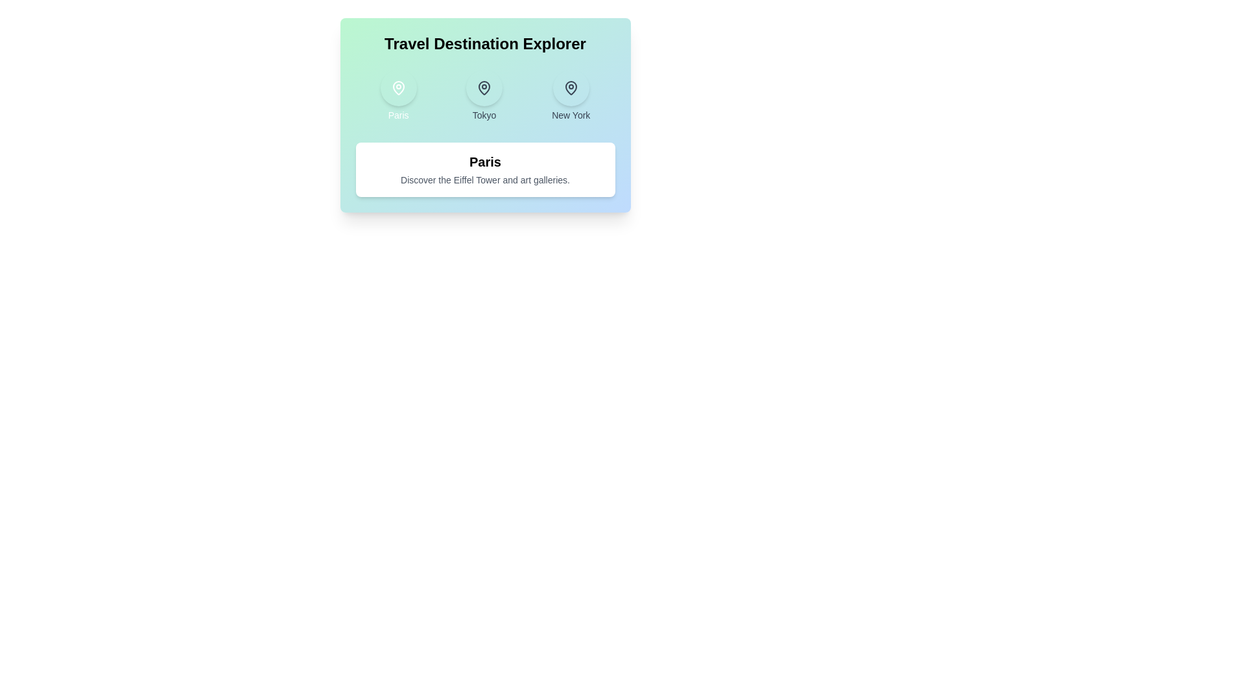 This screenshot has height=700, width=1245. I want to click on the text label for the travel destination 'New York', which is positioned at the bottom of a vertically stacked group and serves as a clickable area, so click(571, 114).